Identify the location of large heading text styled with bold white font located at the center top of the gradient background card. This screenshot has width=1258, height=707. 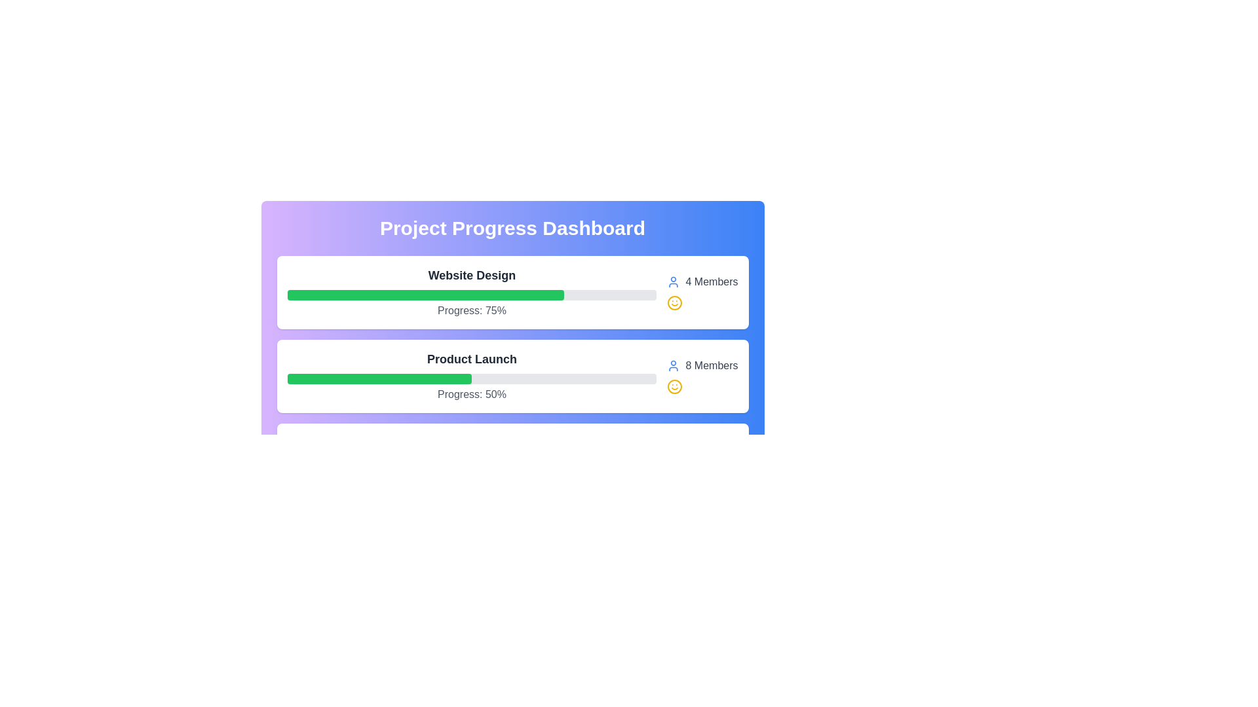
(512, 227).